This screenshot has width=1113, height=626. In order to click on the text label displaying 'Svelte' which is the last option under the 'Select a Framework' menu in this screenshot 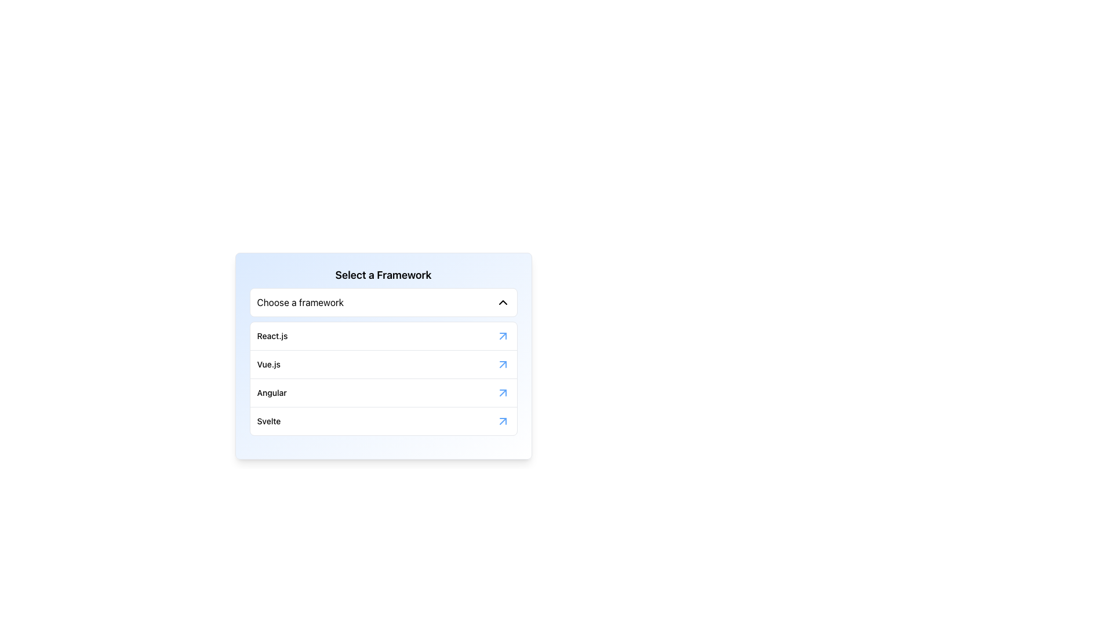, I will do `click(268, 421)`.